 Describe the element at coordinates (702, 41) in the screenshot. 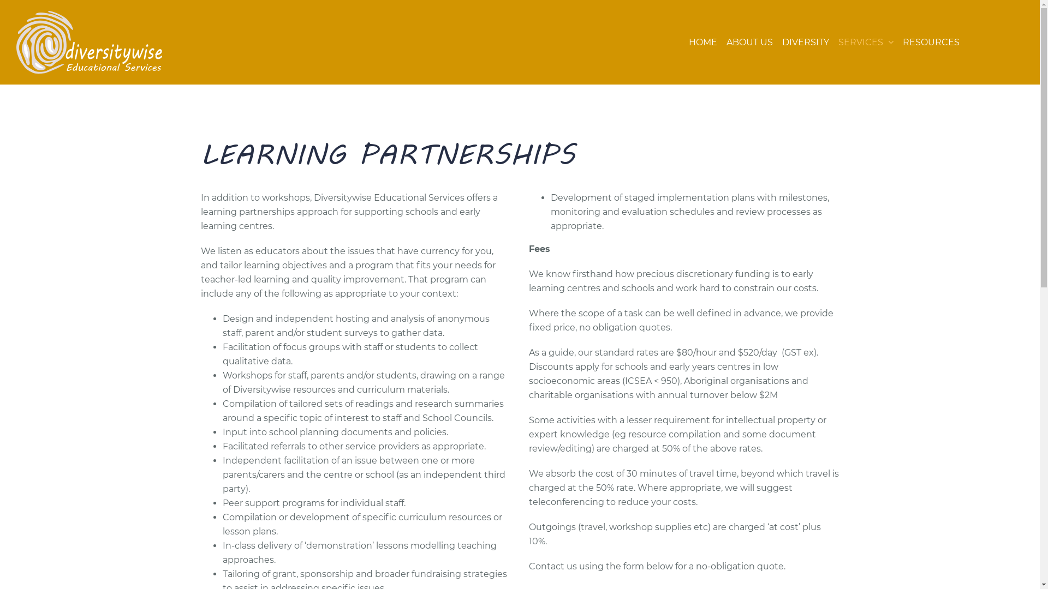

I see `'HOME'` at that location.